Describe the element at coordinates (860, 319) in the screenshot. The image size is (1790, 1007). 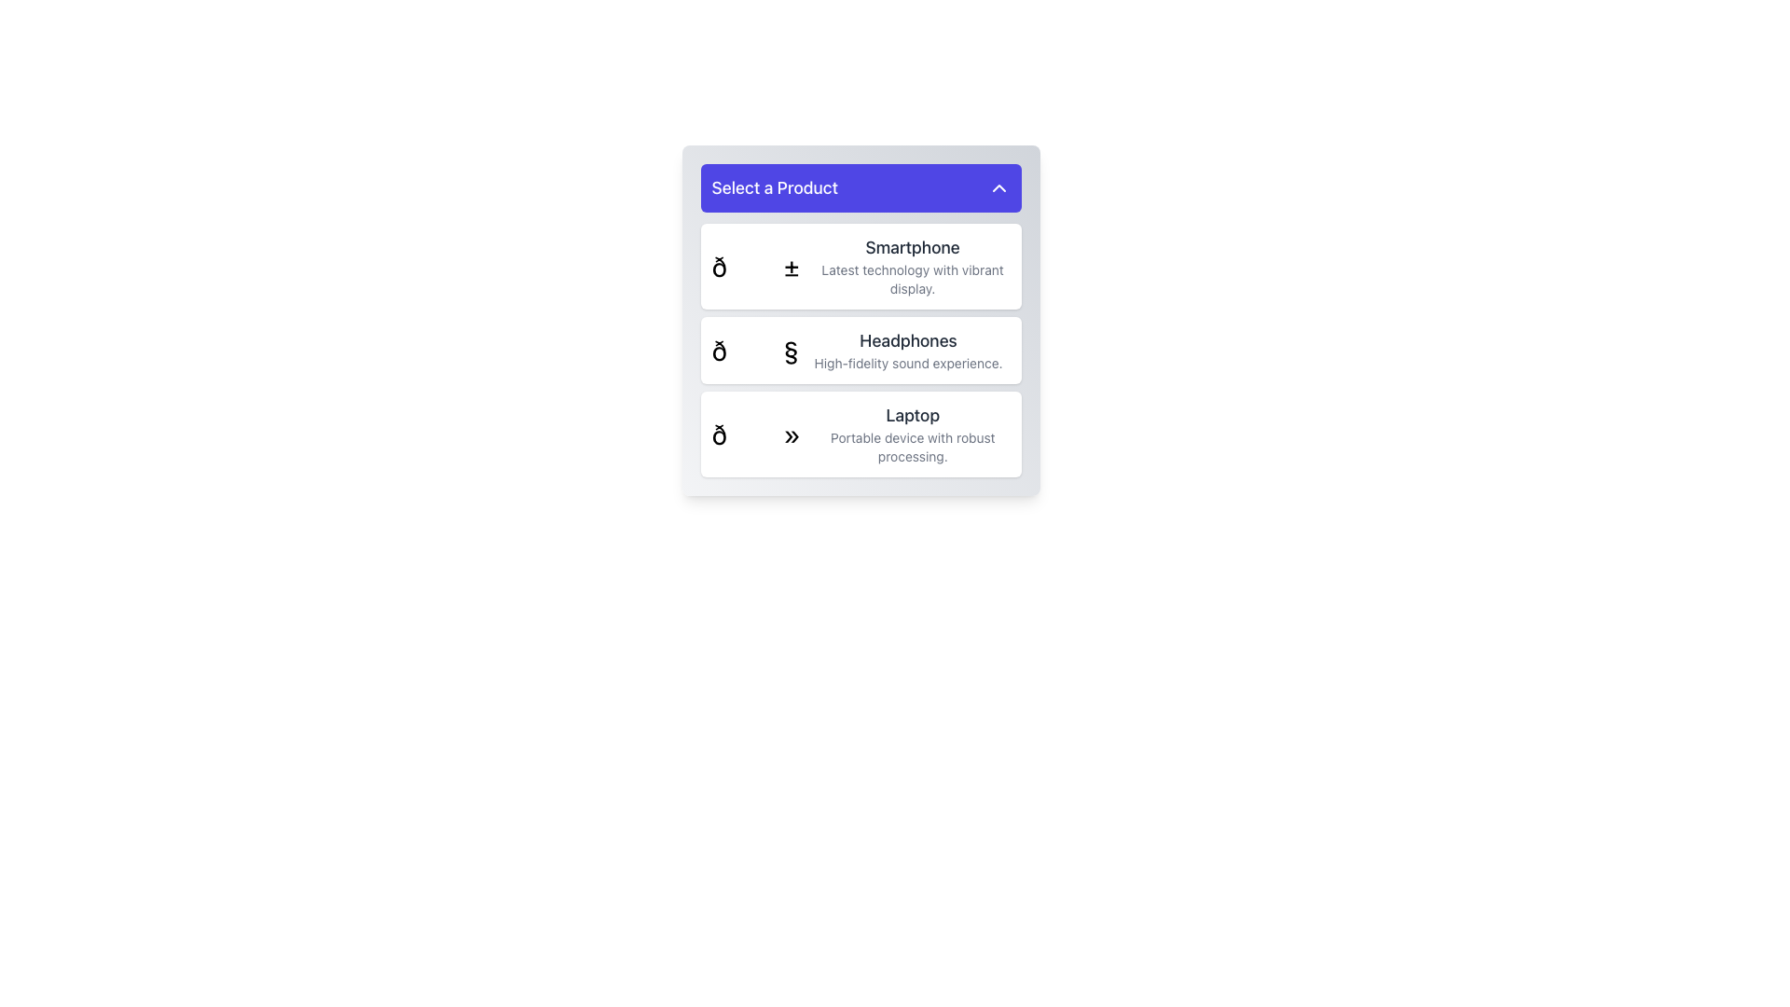
I see `the 'Headphones' selectable card, which is the second card in the vertical stack under the 'Select a Product.' header` at that location.